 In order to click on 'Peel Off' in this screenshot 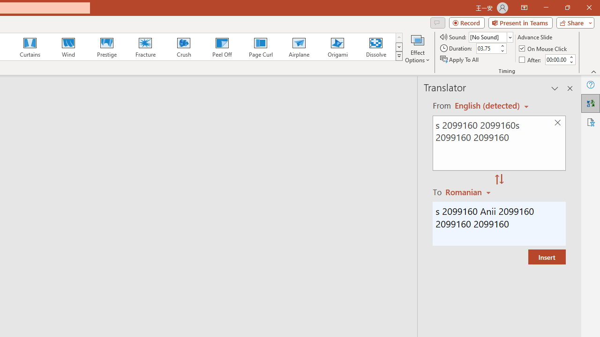, I will do `click(221, 47)`.